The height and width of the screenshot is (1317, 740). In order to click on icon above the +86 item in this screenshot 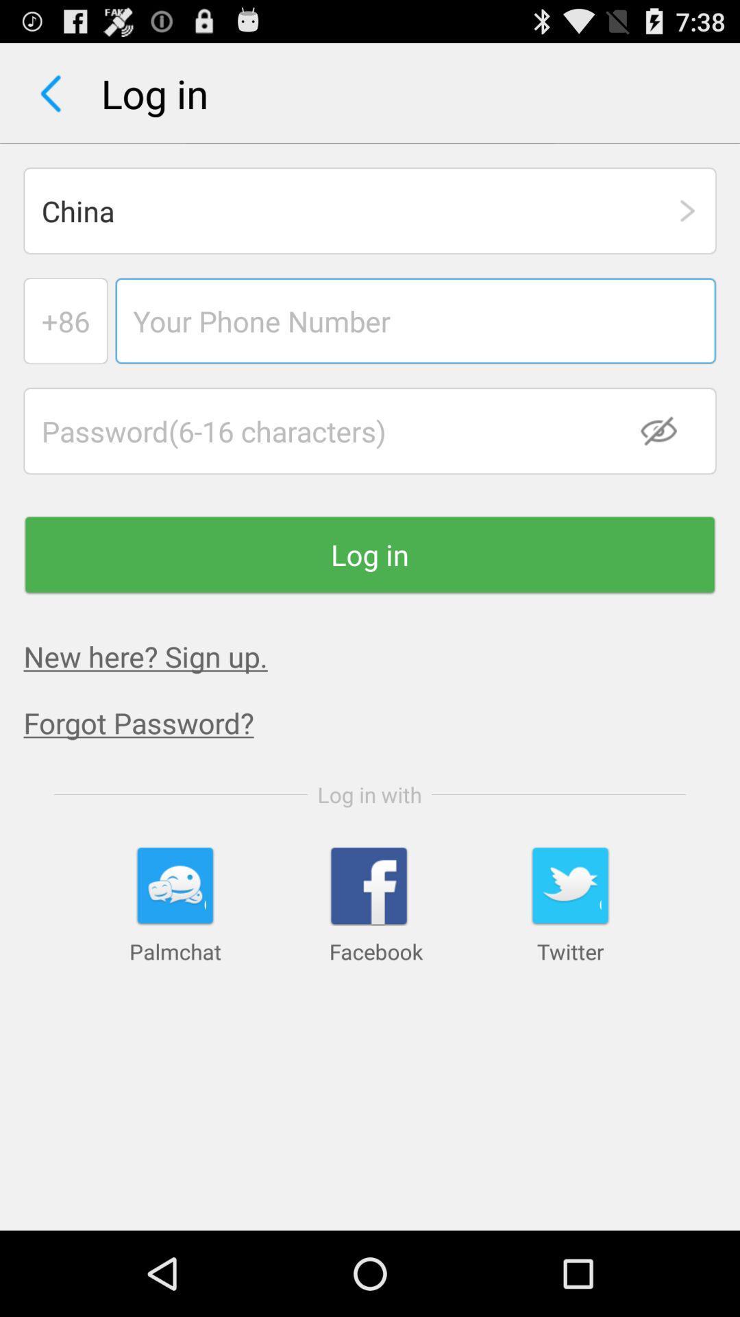, I will do `click(370, 210)`.